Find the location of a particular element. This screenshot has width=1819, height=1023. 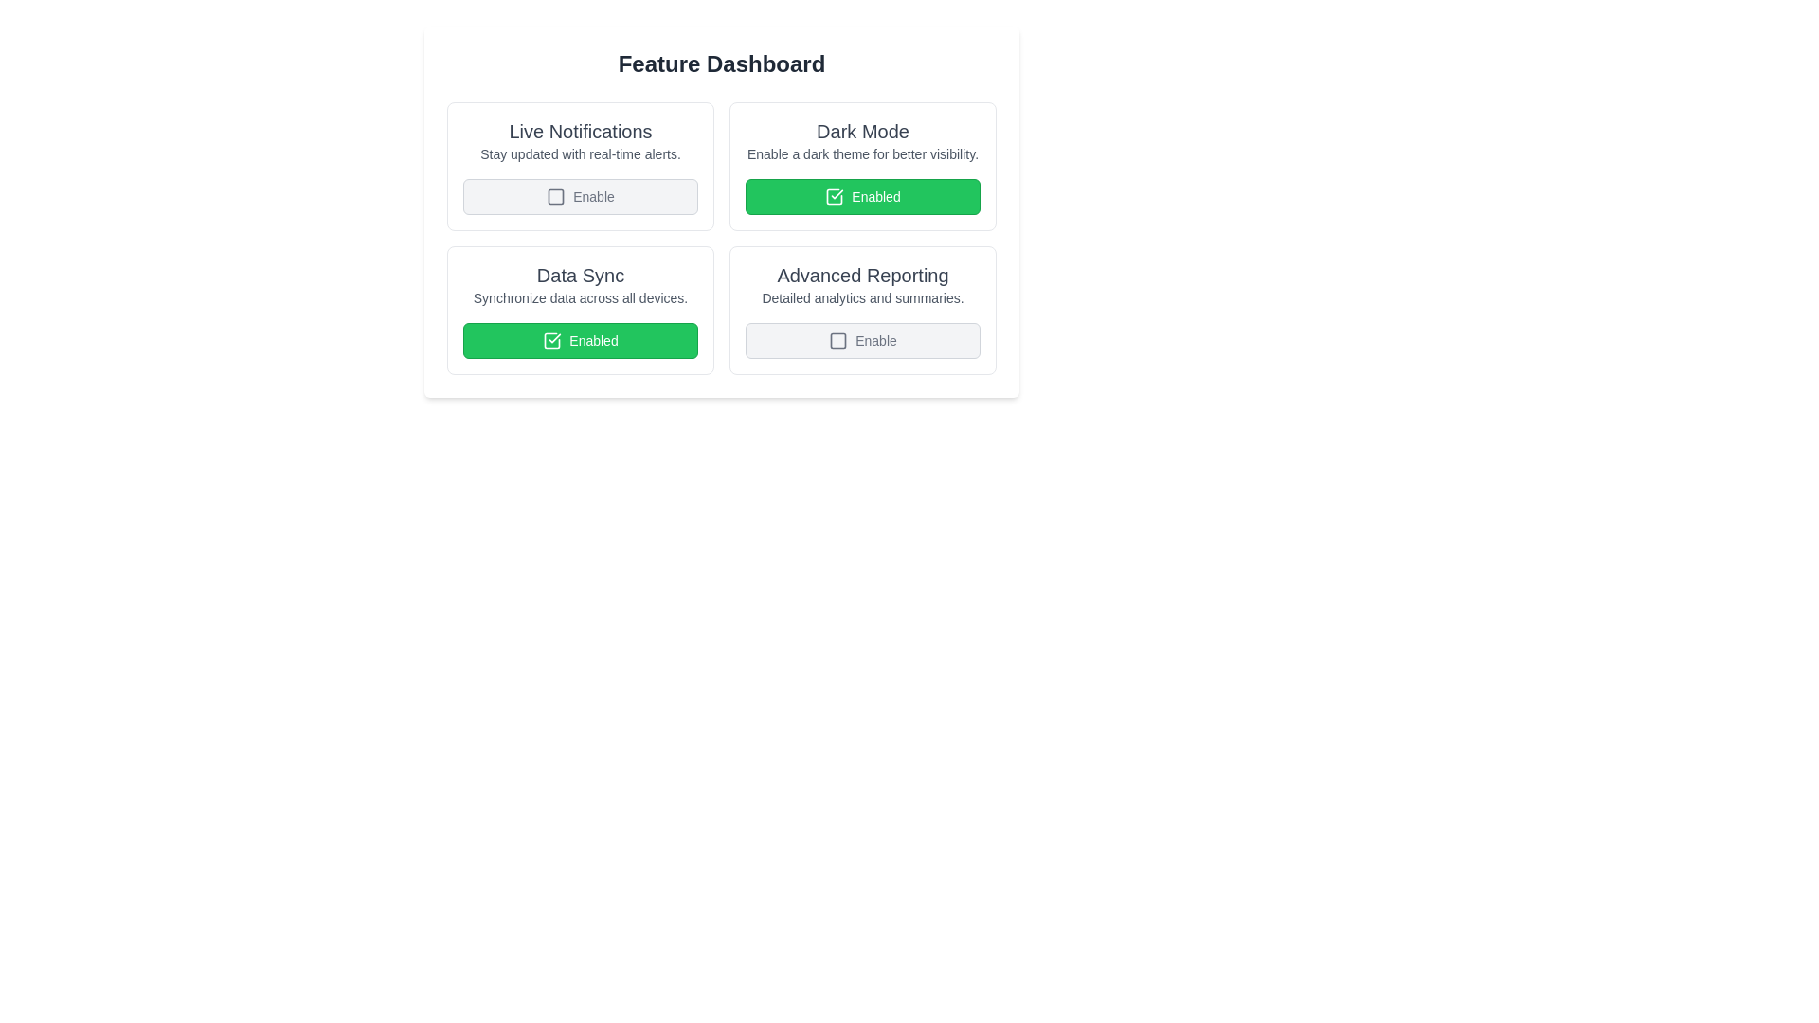

the 'Live Notifications' text label, which is styled in bold and larger size, located above the descriptive text 'Stay updated with real-time alerts.' is located at coordinates (580, 130).